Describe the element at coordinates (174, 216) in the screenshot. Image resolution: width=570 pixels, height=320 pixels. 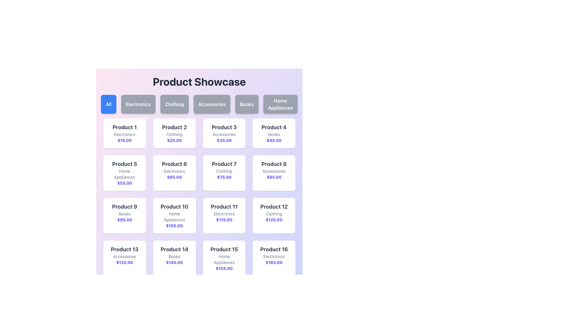
I see `the card displaying 'Product 10' with the price '$105.00' located in the third row and second column of the grid` at that location.